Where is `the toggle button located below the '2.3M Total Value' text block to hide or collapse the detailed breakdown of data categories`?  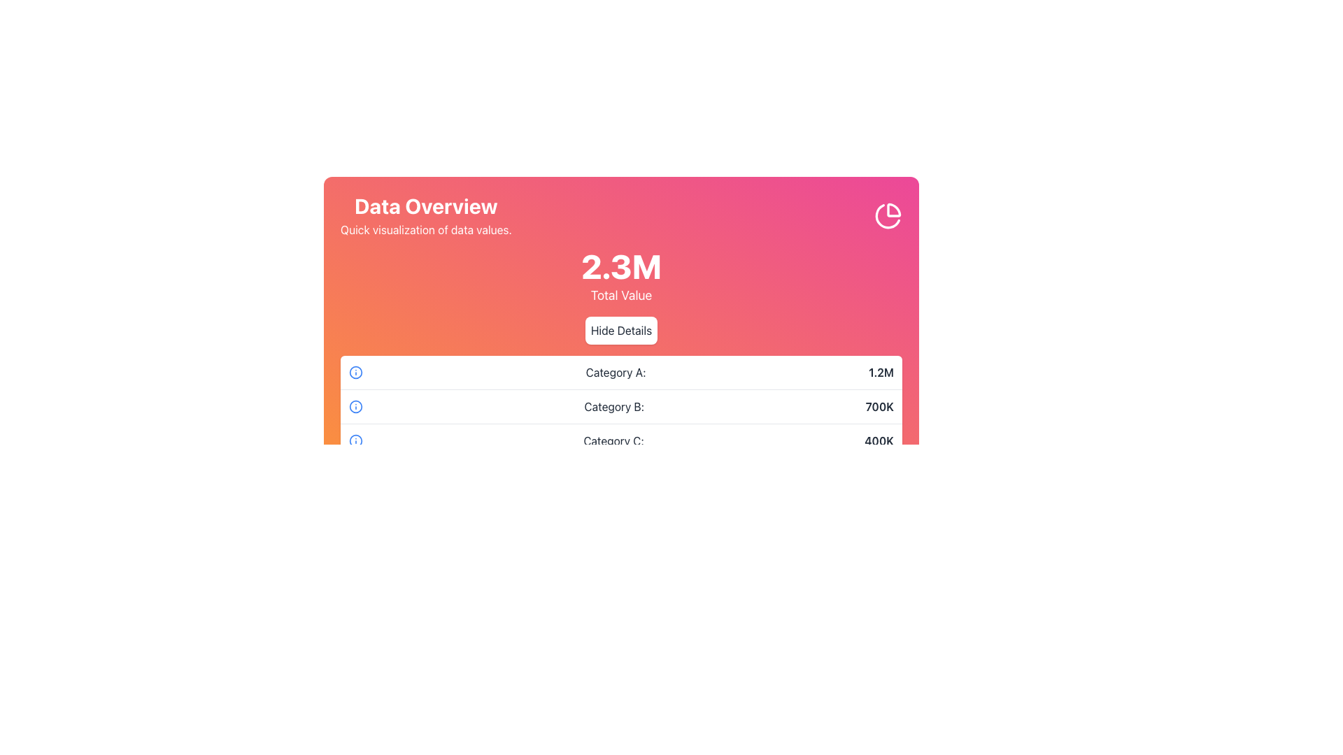
the toggle button located below the '2.3M Total Value' text block to hide or collapse the detailed breakdown of data categories is located at coordinates (620, 326).